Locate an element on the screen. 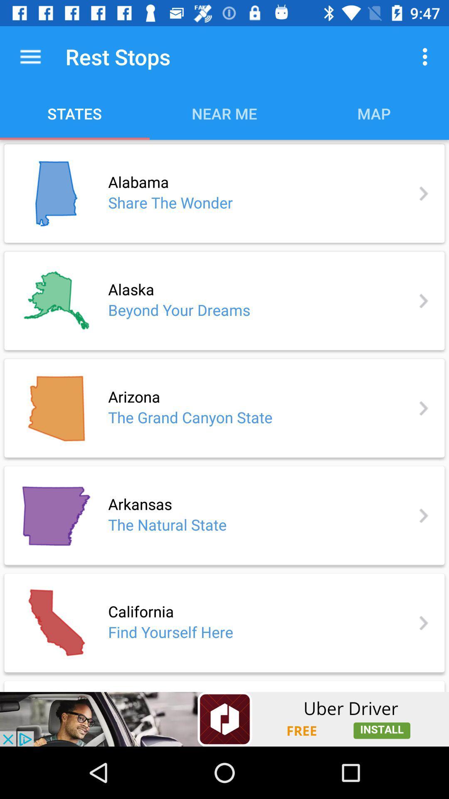 The image size is (449, 799). external advertisement uber driver is located at coordinates (224, 719).